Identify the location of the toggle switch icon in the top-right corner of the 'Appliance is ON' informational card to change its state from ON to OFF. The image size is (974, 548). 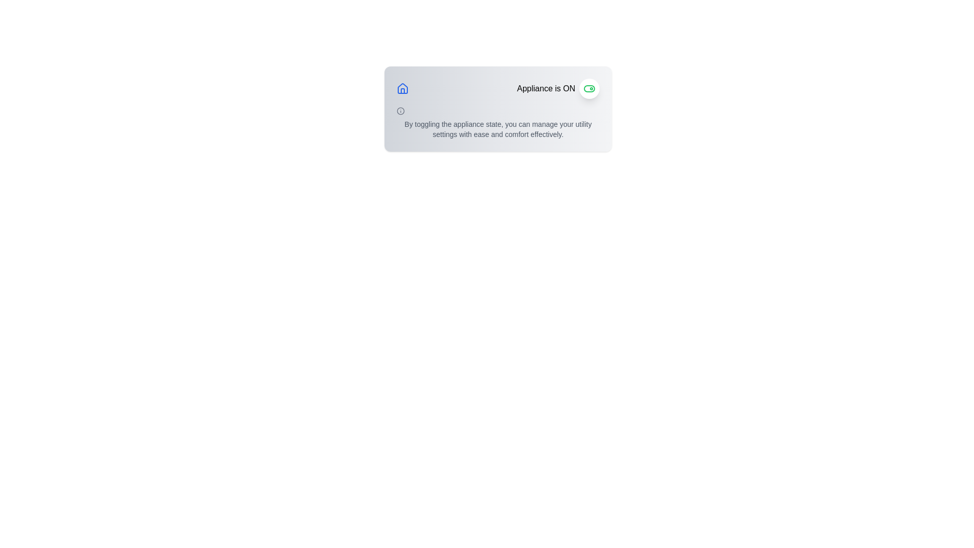
(589, 88).